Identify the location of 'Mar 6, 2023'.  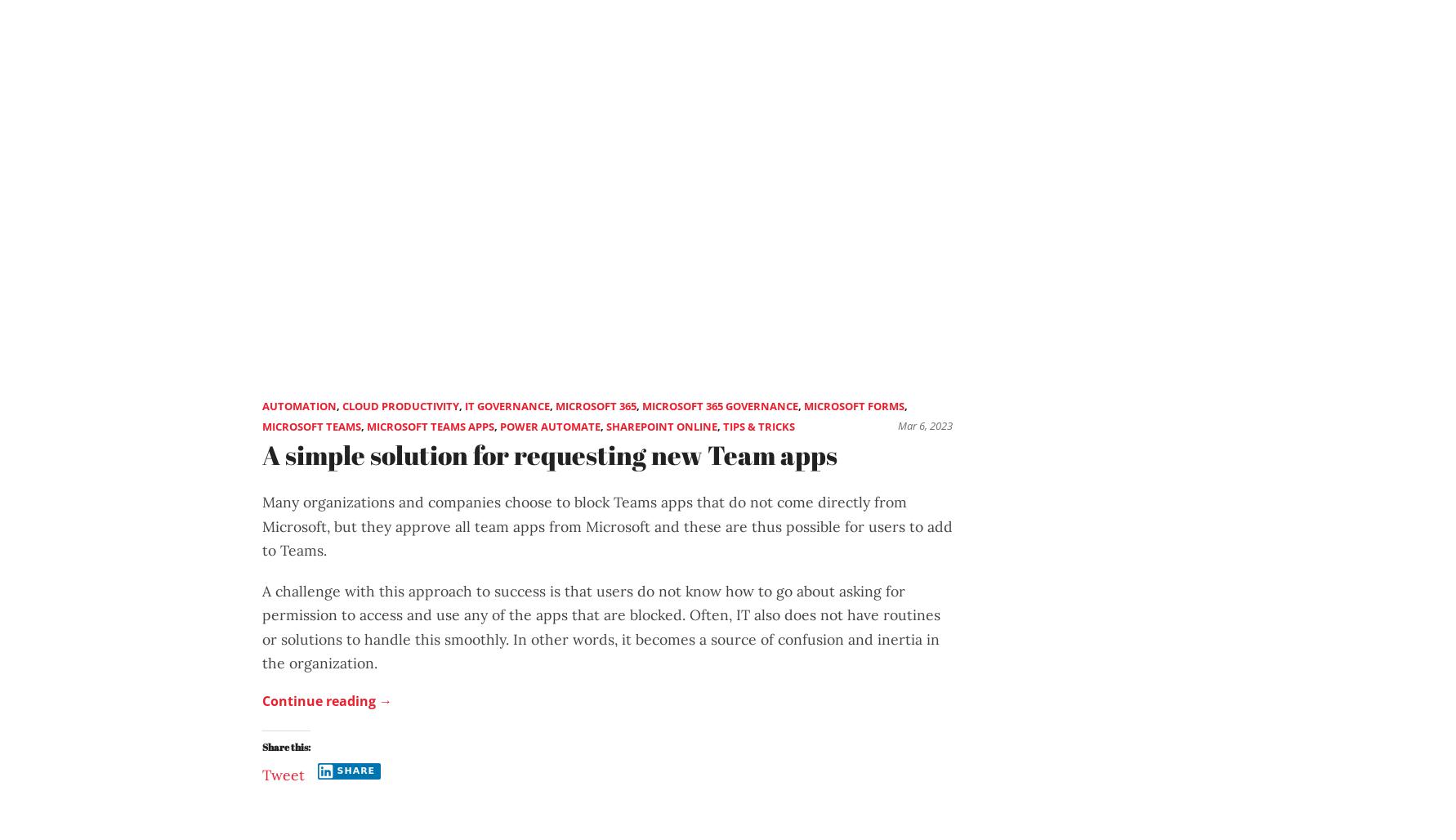
(925, 424).